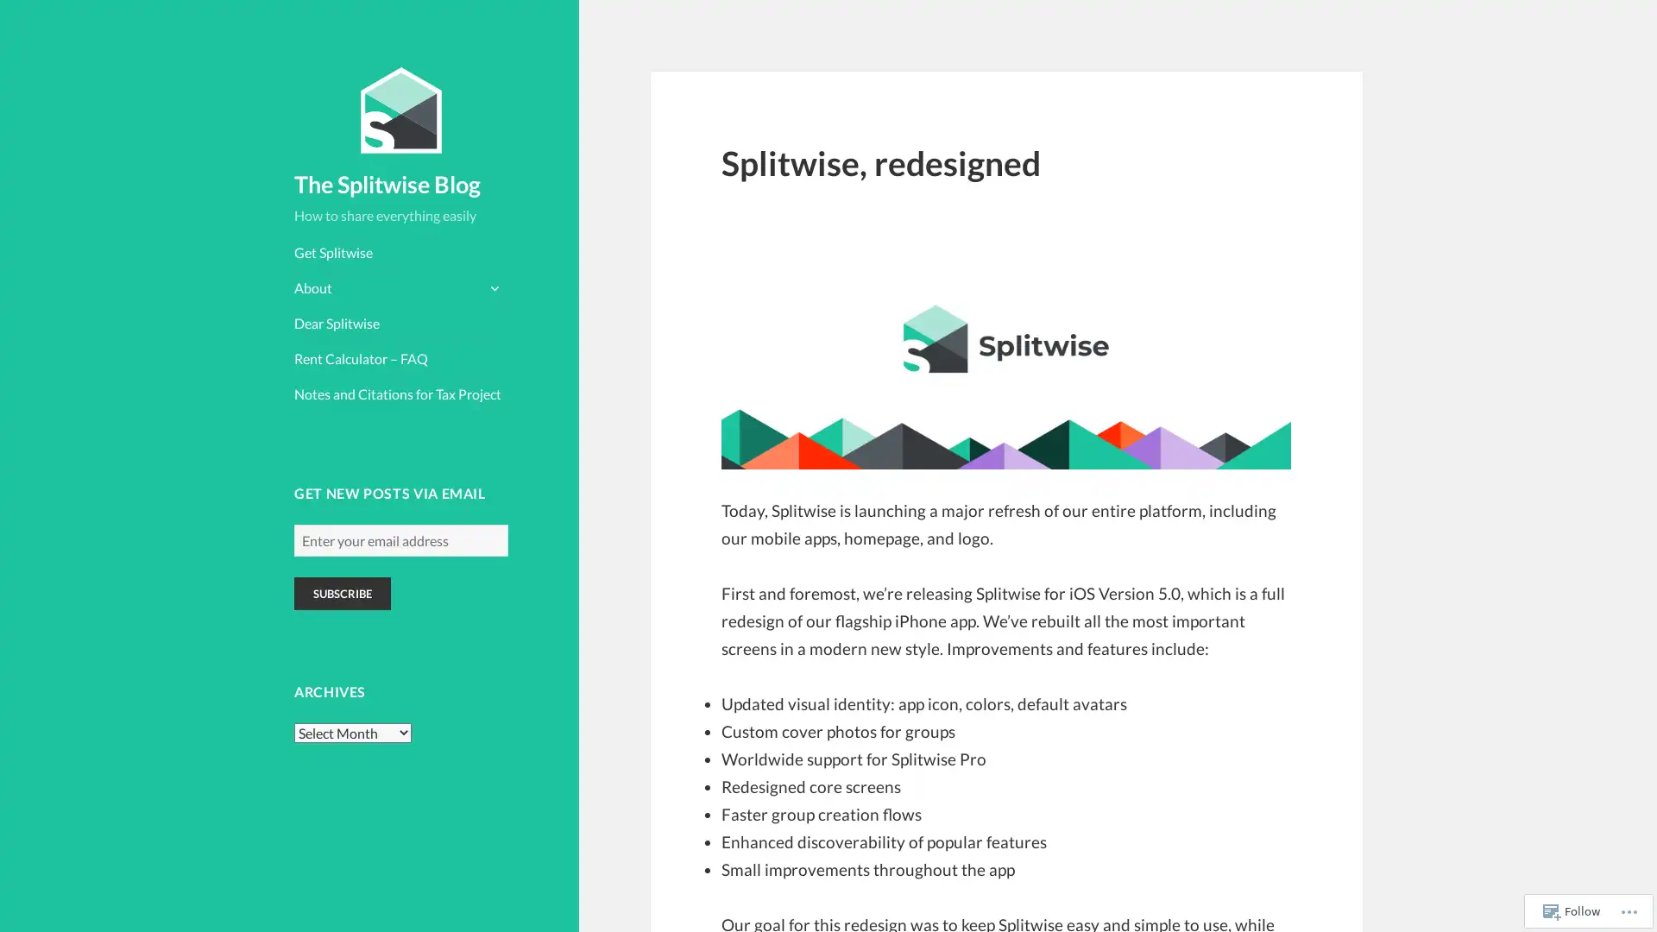  What do you see at coordinates (343, 592) in the screenshot?
I see `SUBSCRIBE` at bounding box center [343, 592].